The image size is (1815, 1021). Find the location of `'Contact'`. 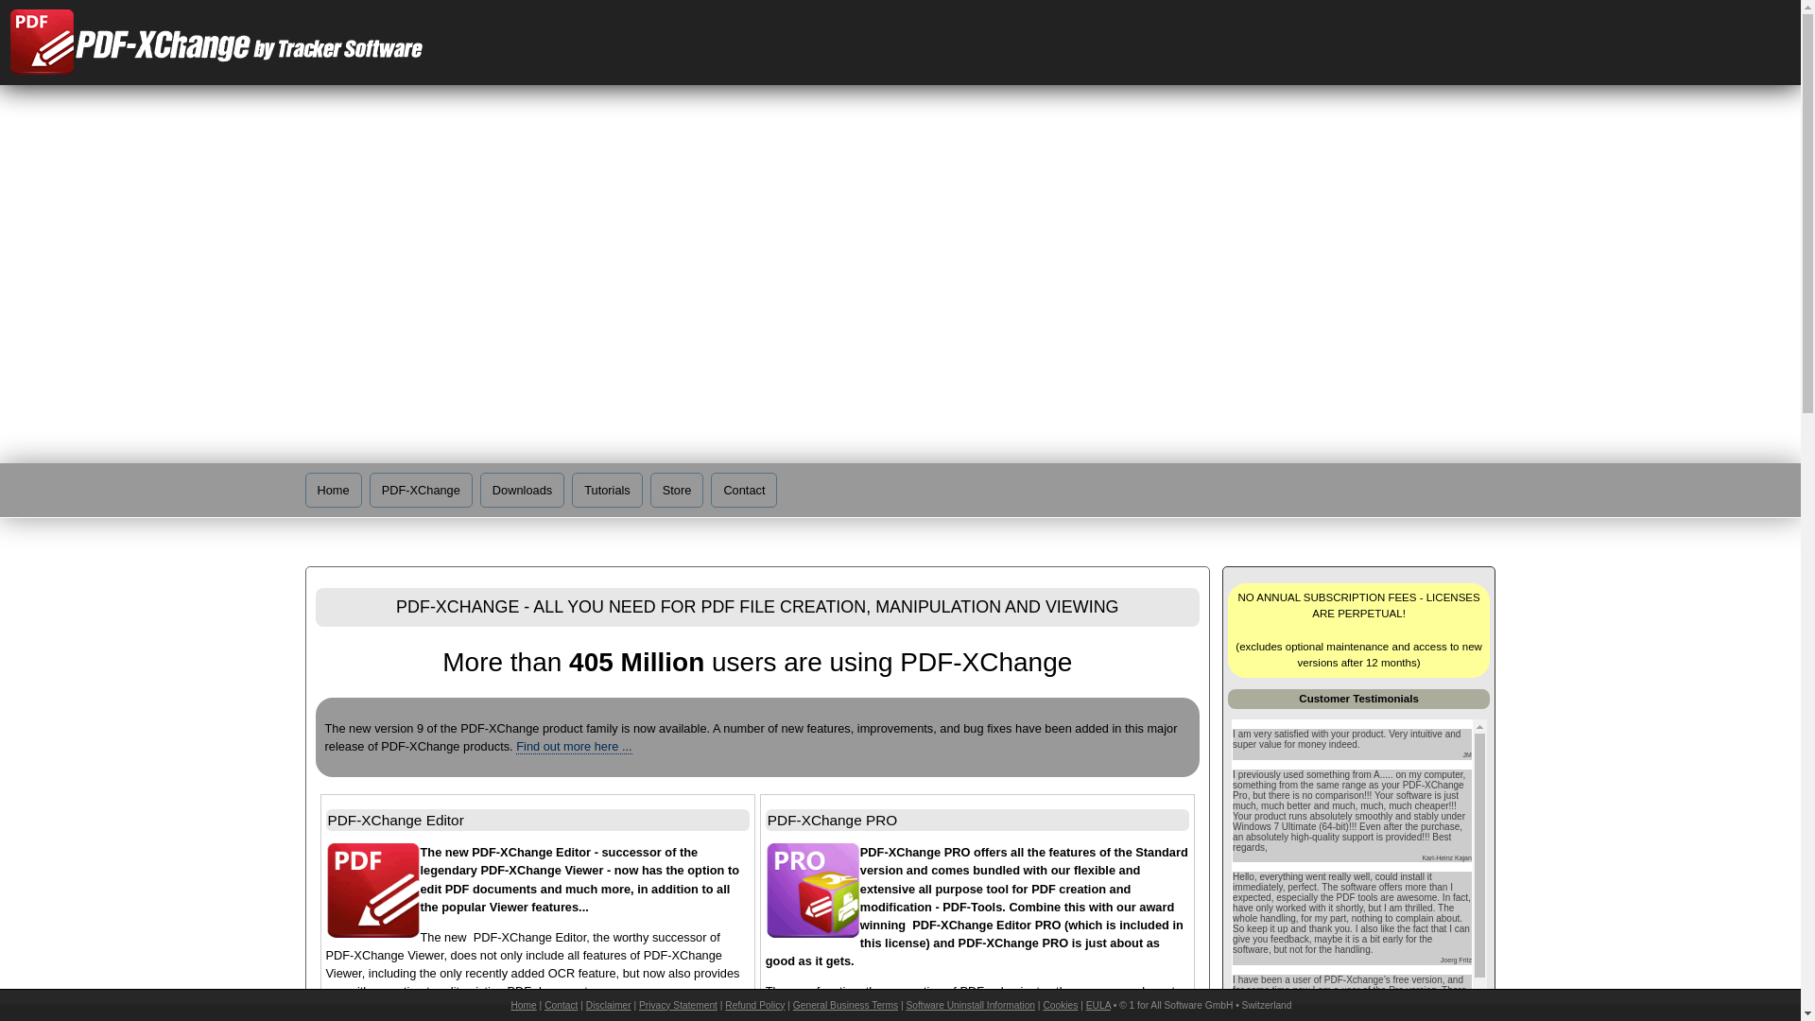

'Contact' is located at coordinates (560, 1004).